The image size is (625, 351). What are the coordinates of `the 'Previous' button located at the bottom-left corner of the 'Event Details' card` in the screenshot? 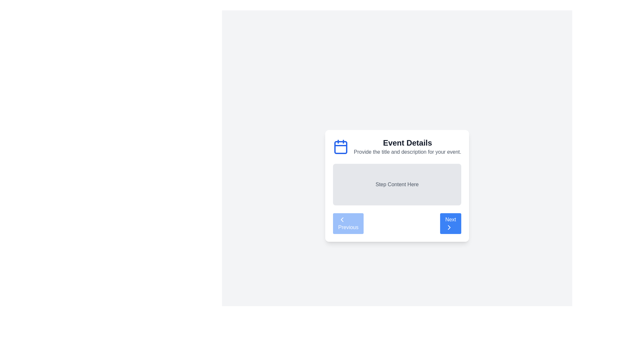 It's located at (342, 219).